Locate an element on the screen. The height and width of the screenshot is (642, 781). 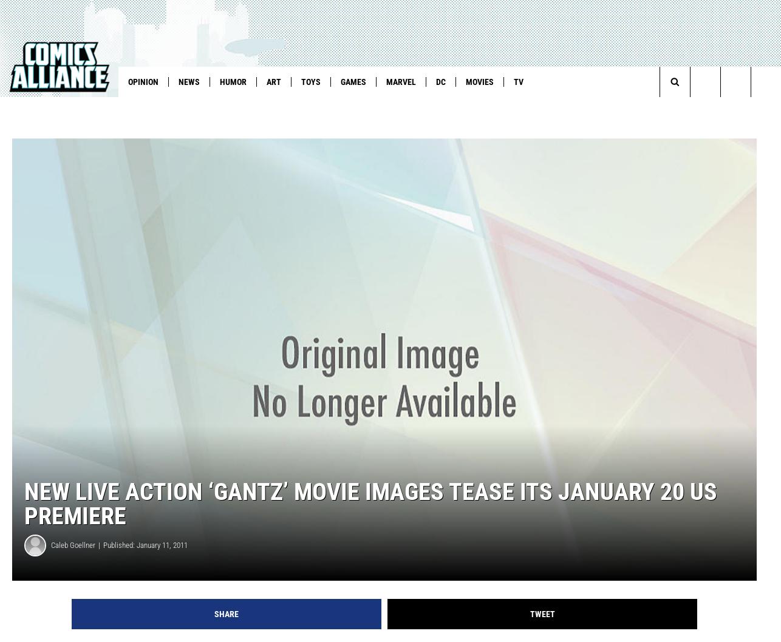
'Toys' is located at coordinates (310, 81).